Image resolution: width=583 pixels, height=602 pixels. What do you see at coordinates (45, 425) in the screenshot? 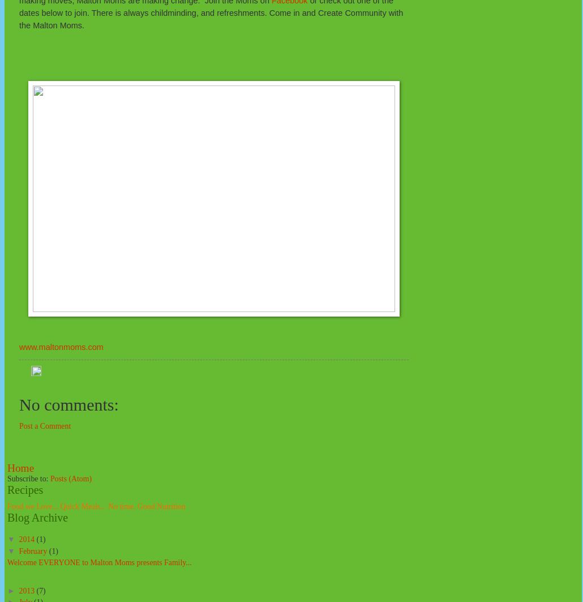
I see `'Post a Comment'` at bounding box center [45, 425].